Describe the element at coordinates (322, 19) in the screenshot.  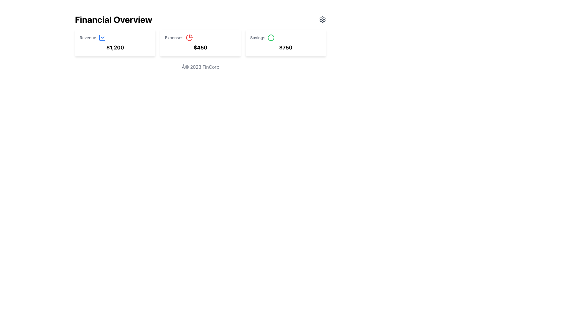
I see `the graphical design of the settings cogwheel icon located at the top-right corner of the interface, above the 'Financial Overview' section` at that location.